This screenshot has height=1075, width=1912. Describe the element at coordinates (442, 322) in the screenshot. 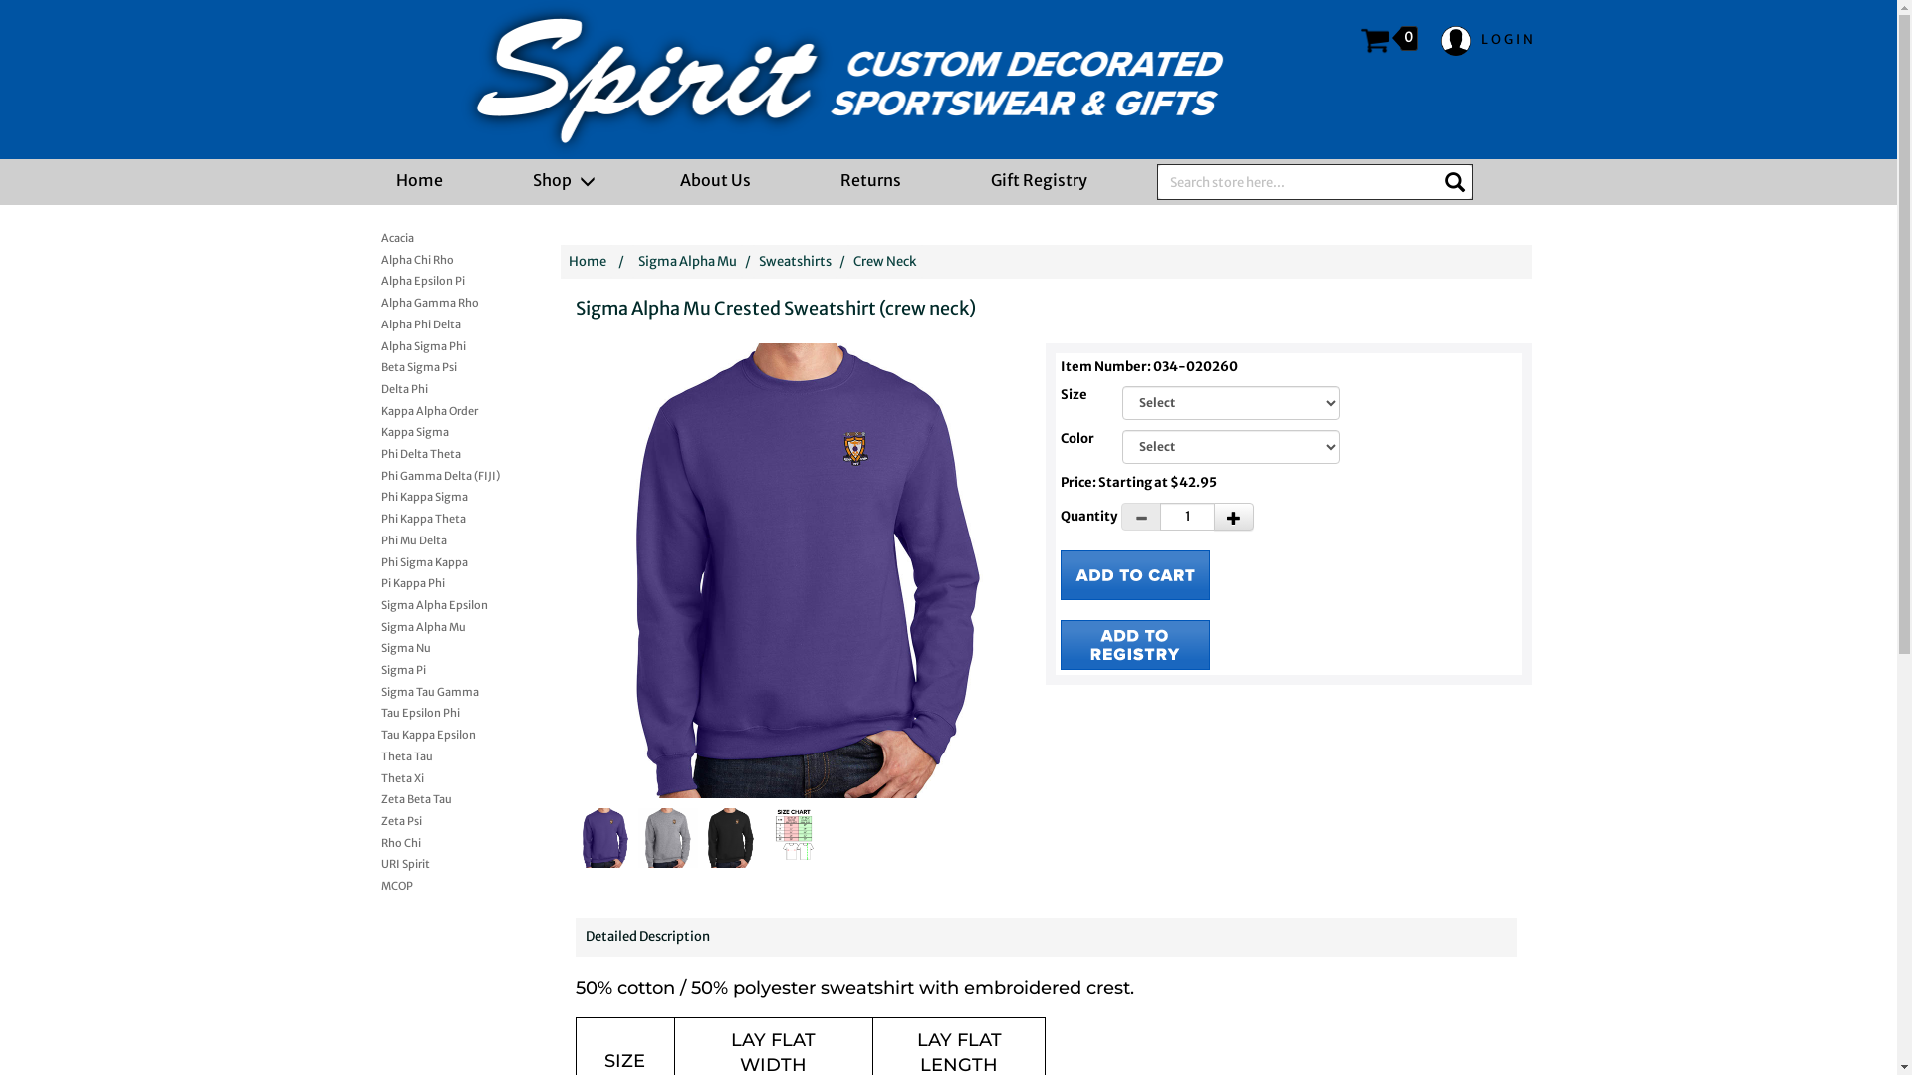

I see `'Alpha Phi Delta'` at that location.